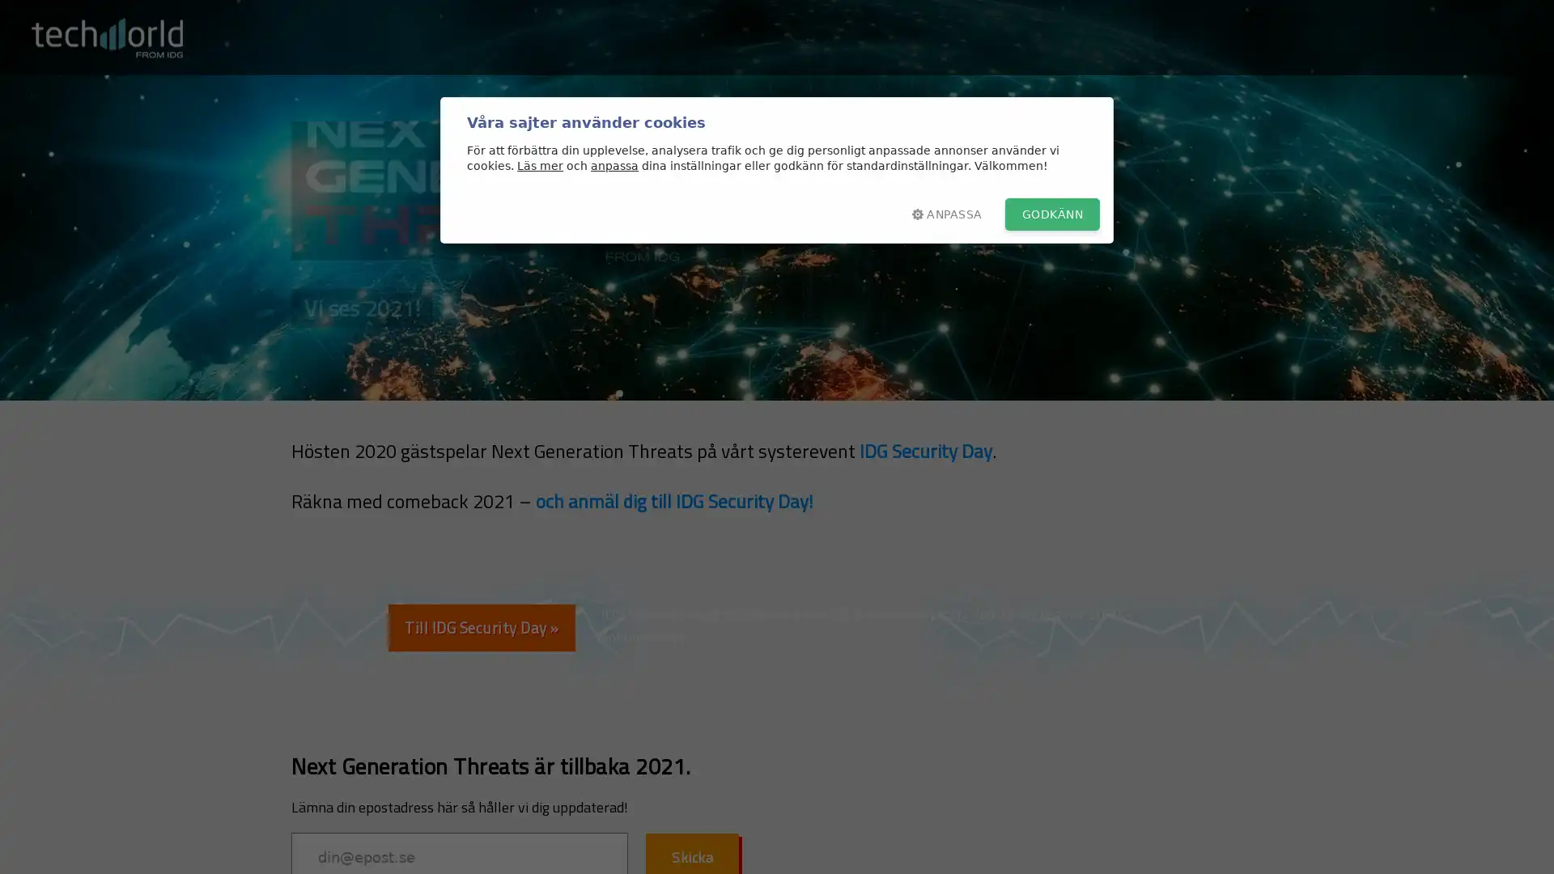 Image resolution: width=1554 pixels, height=874 pixels. I want to click on GODKANN, so click(1052, 214).